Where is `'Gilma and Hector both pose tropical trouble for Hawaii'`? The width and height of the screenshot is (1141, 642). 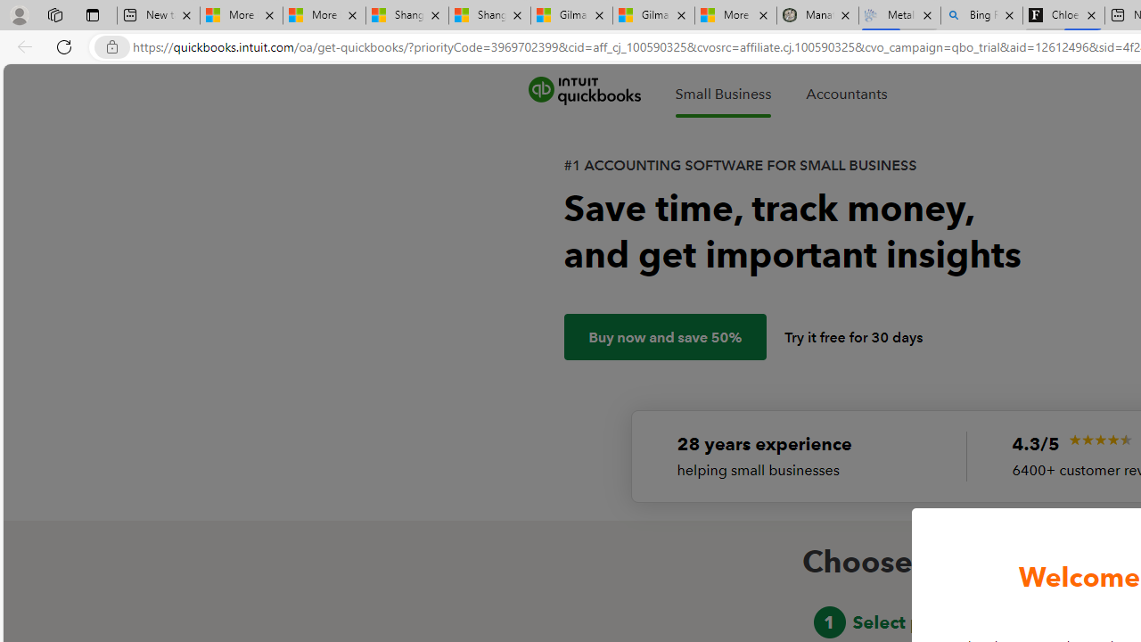 'Gilma and Hector both pose tropical trouble for Hawaii' is located at coordinates (653, 15).